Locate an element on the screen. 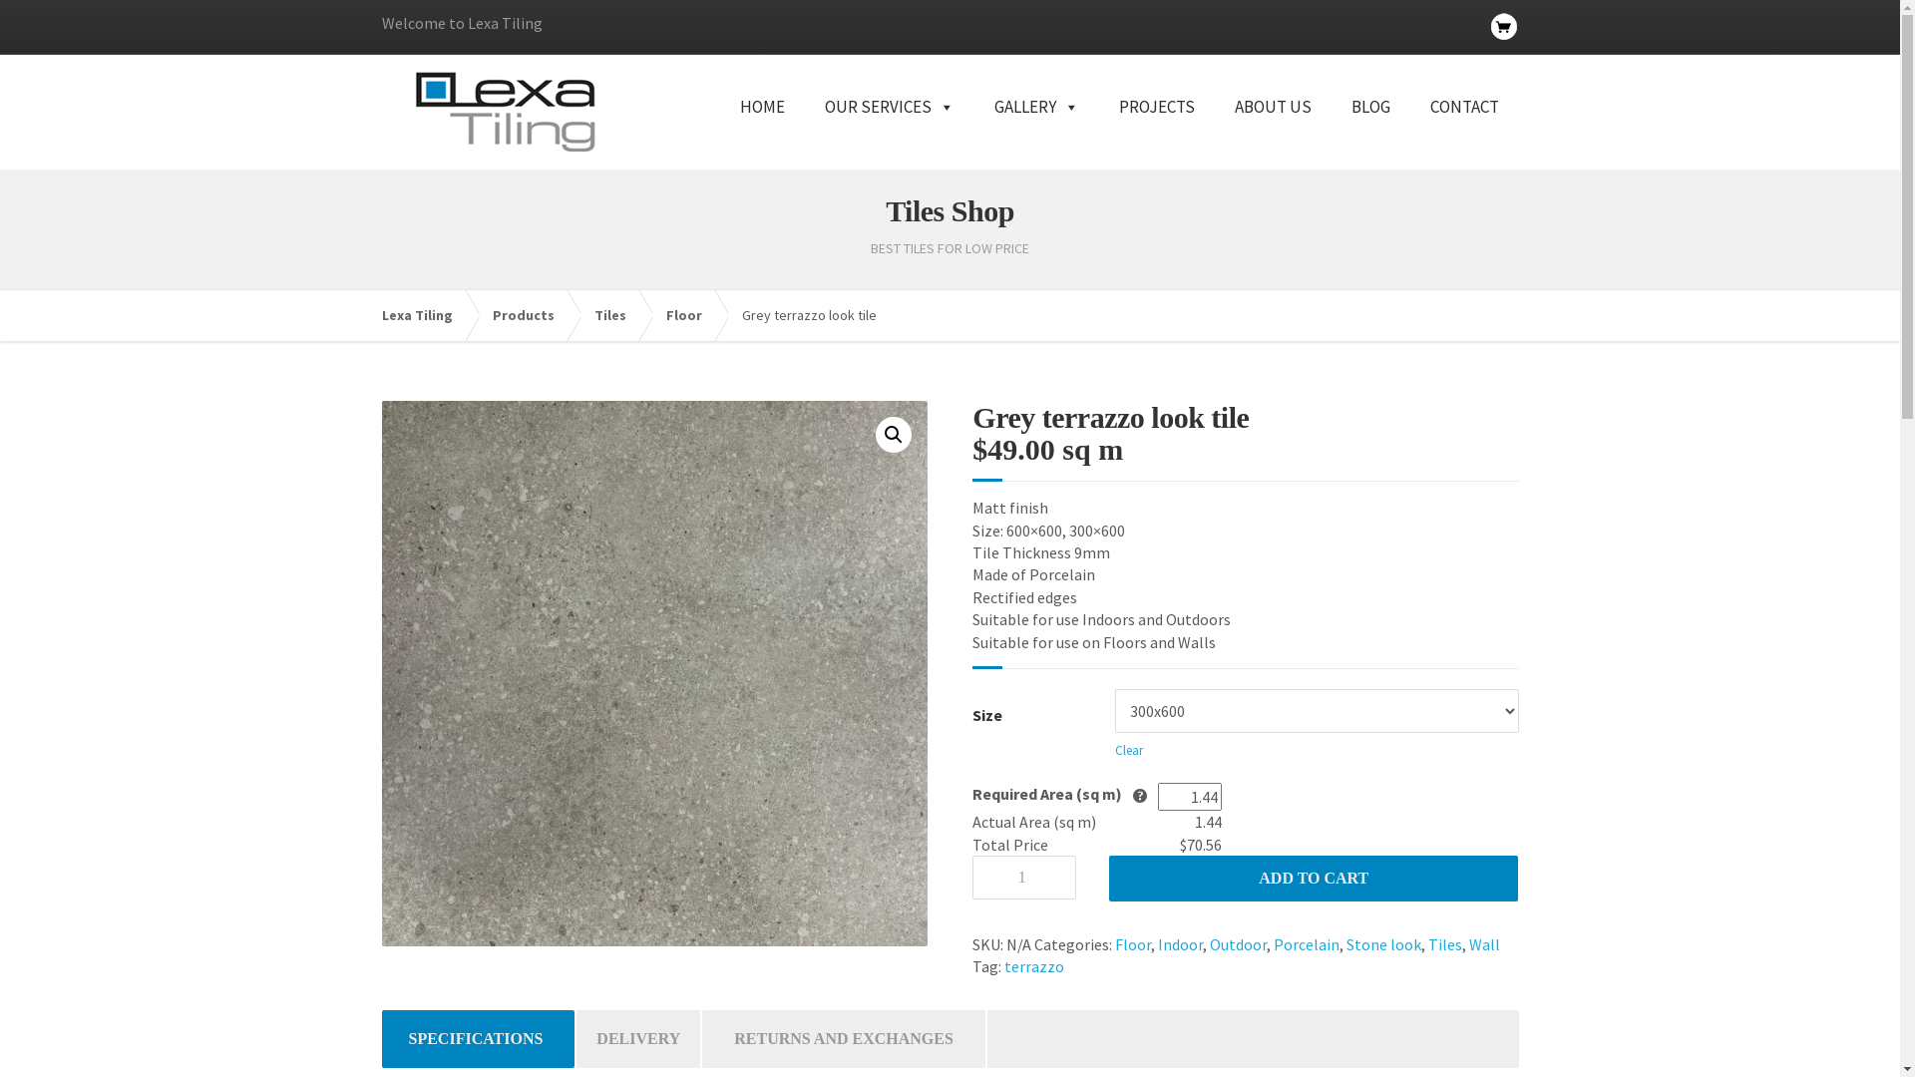 The image size is (1915, 1077). 'Porcelain' is located at coordinates (1307, 943).